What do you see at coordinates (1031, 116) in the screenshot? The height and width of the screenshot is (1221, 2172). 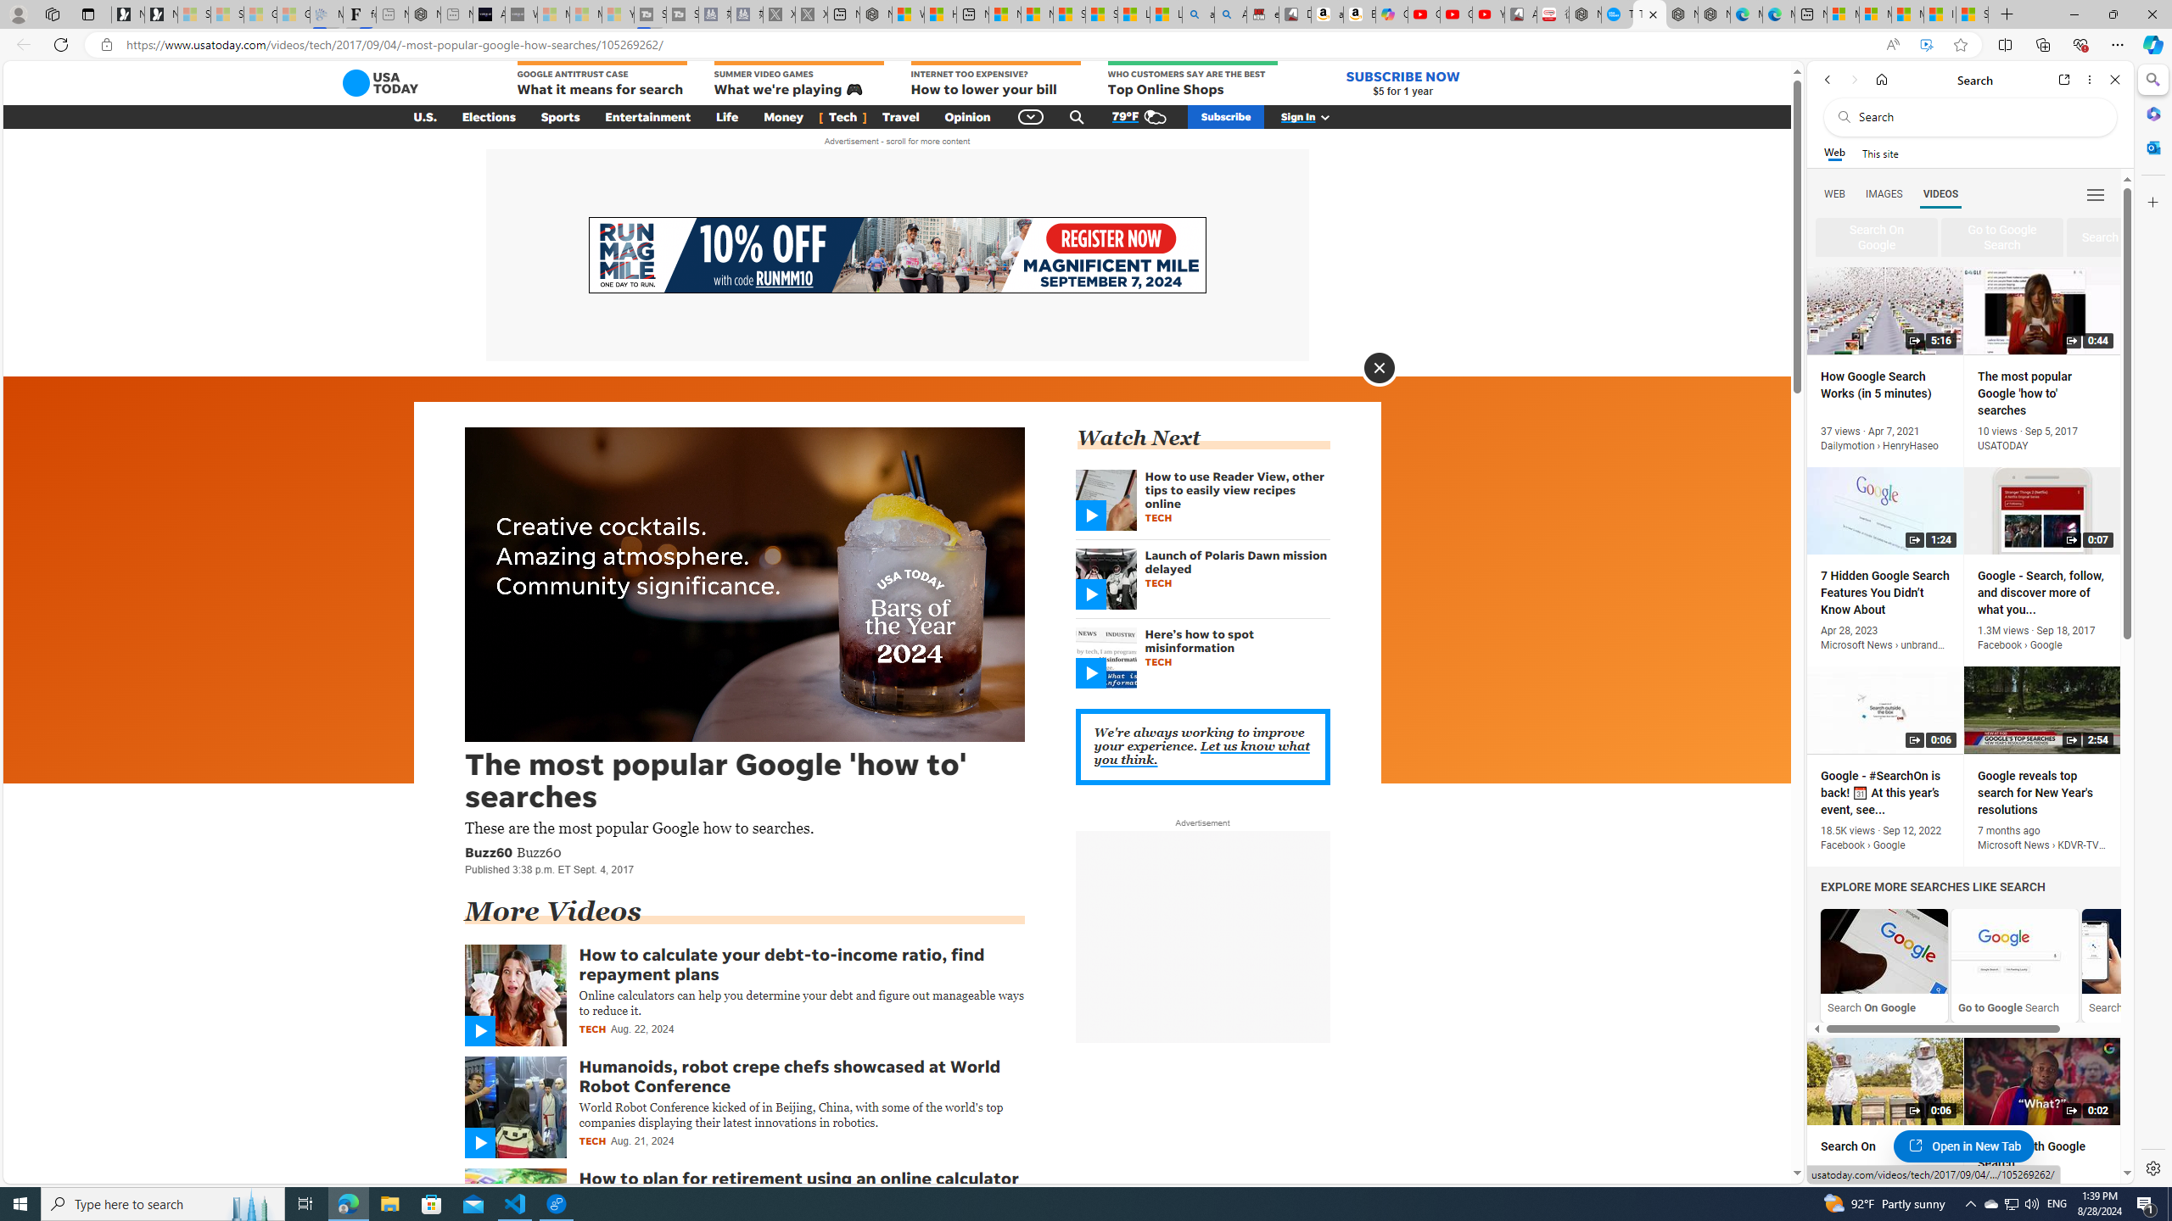 I see `'Global Navigation'` at bounding box center [1031, 116].